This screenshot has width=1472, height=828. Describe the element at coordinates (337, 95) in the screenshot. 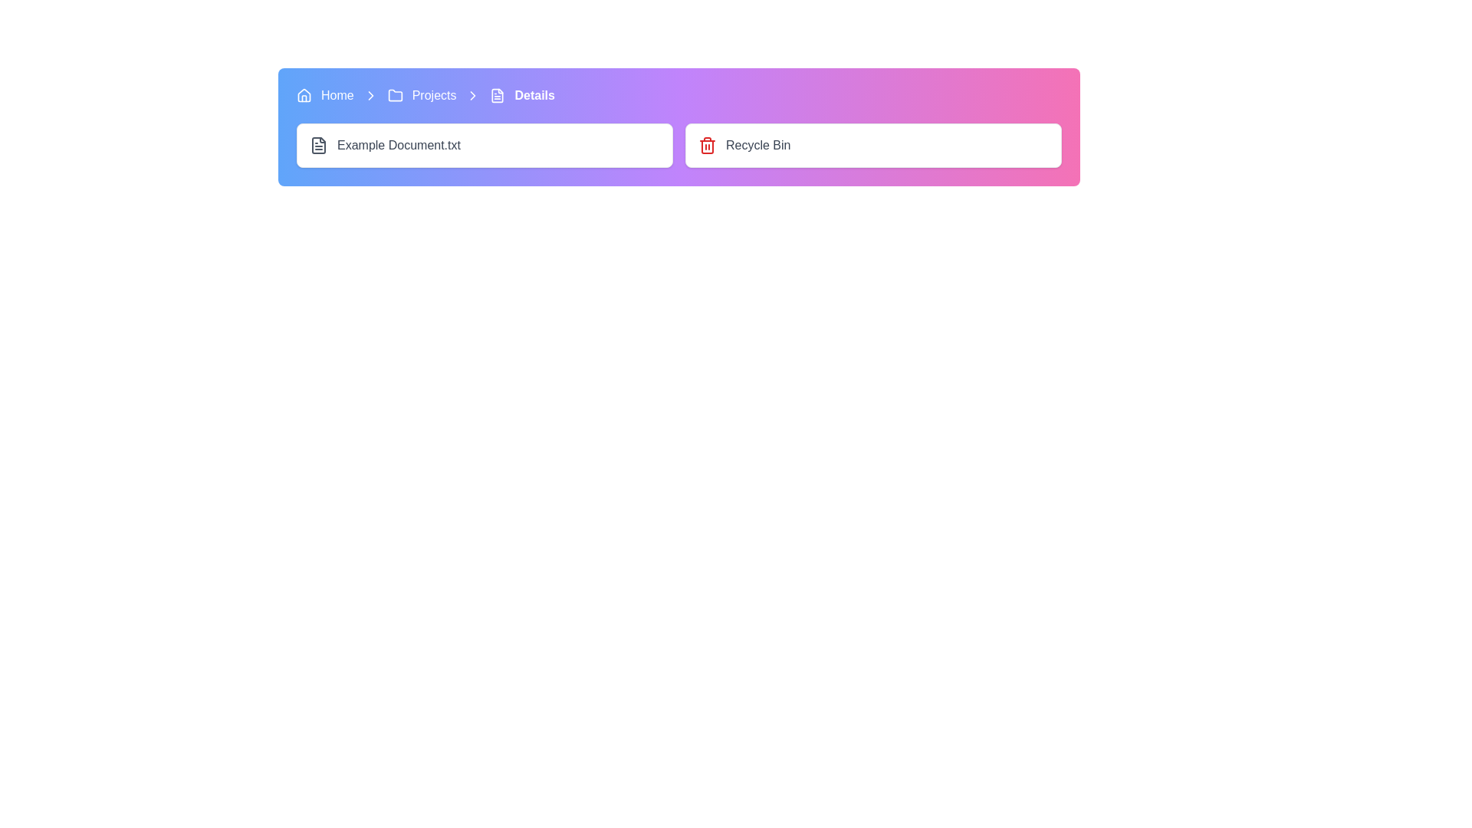

I see `the 'Home' text element, which is styled with a white font and is positioned on a blue background in the breadcrumb navigation bar` at that location.